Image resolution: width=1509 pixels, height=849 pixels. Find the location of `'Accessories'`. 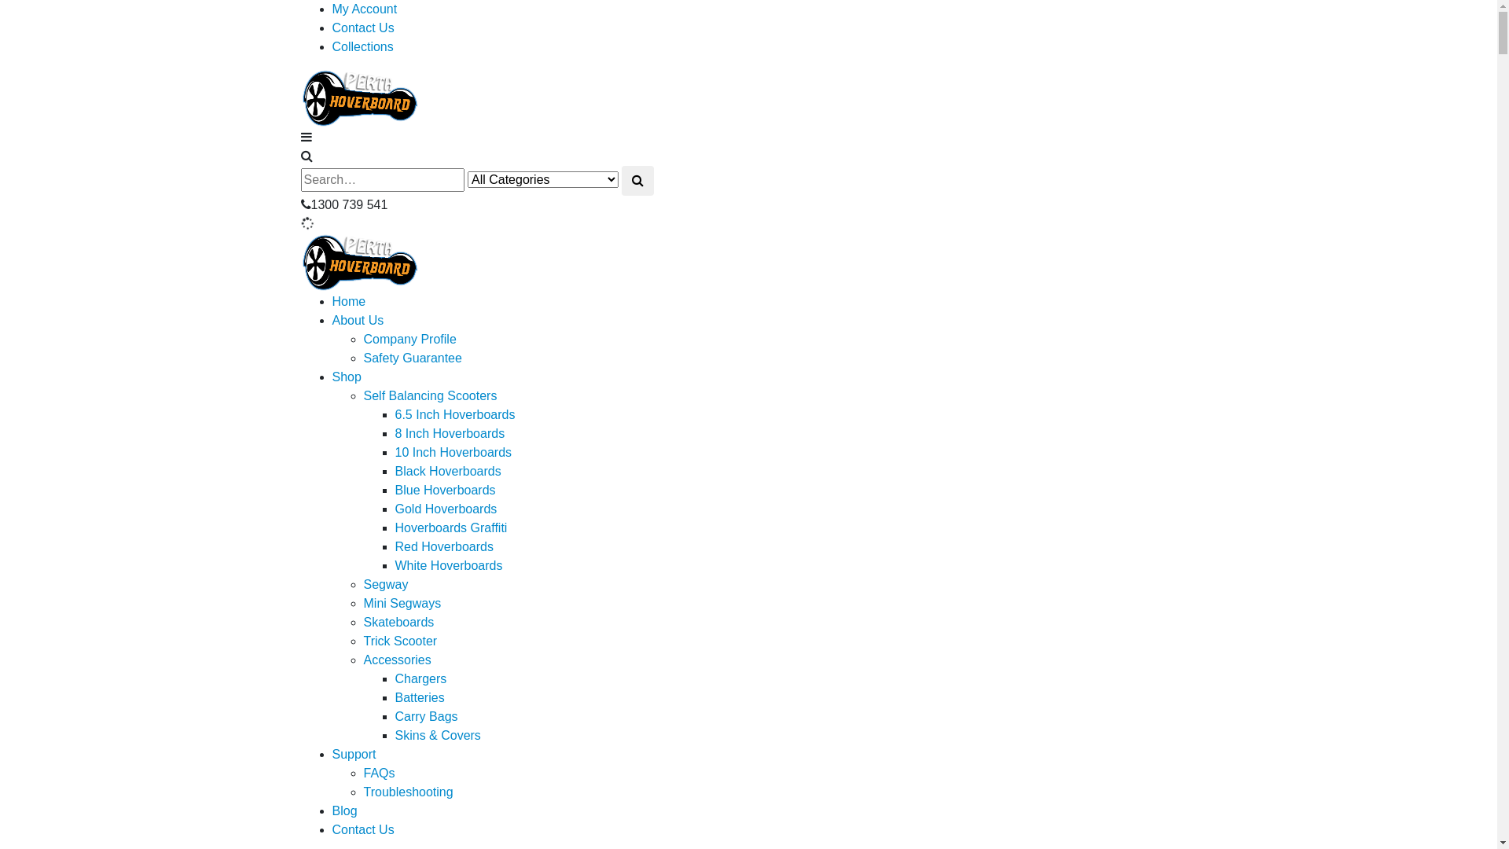

'Accessories' is located at coordinates (362, 660).